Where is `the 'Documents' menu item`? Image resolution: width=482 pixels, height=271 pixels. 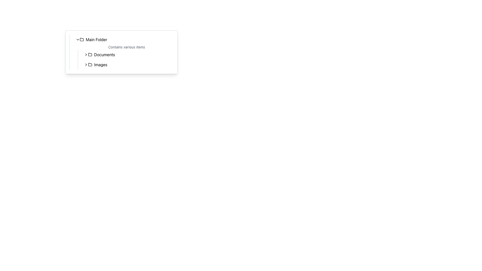 the 'Documents' menu item is located at coordinates (126, 55).